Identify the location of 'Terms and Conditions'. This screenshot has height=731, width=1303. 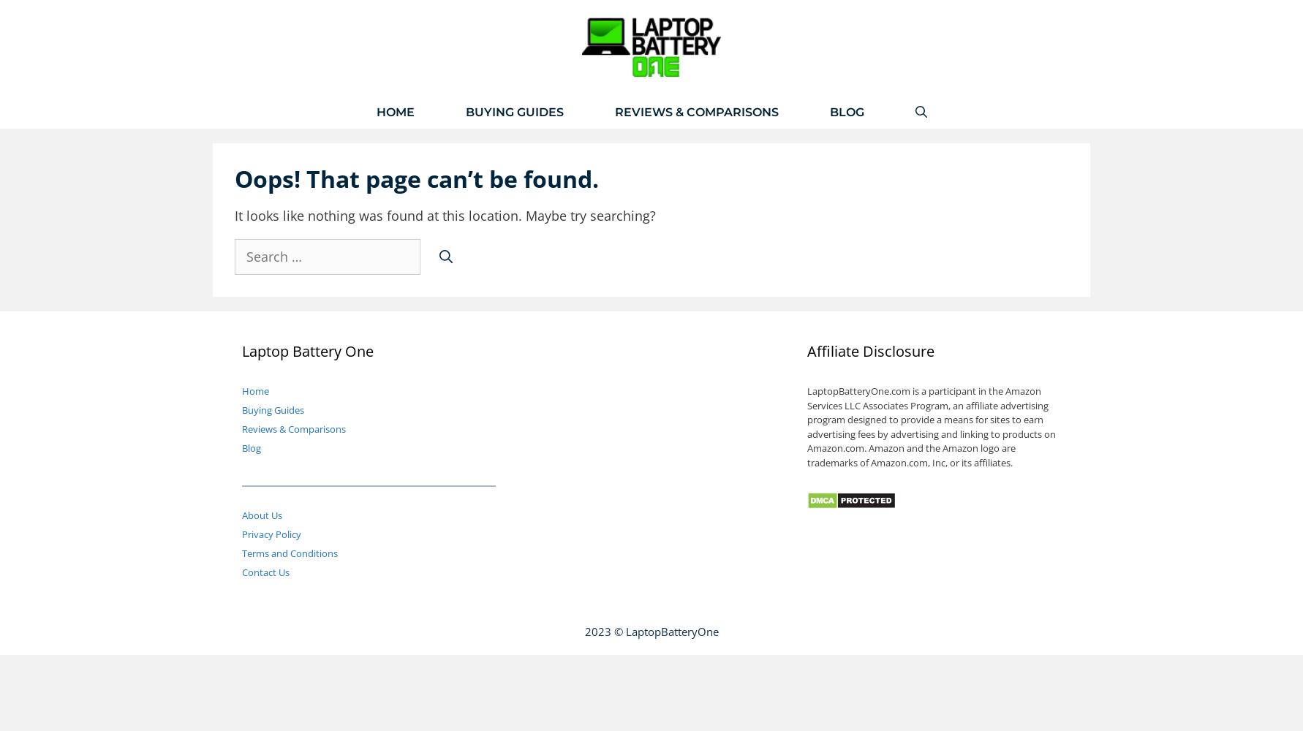
(290, 553).